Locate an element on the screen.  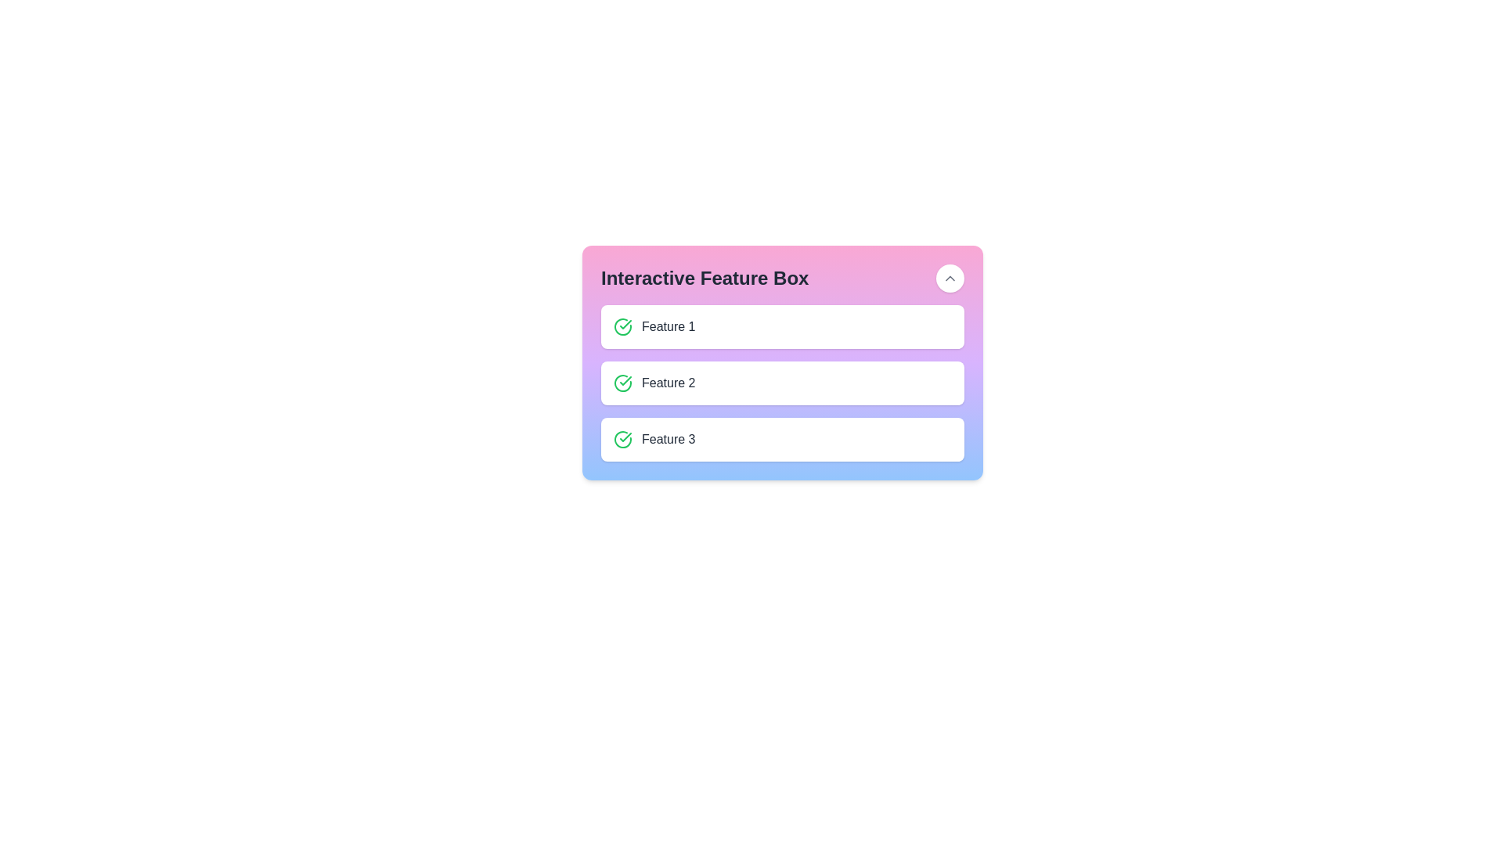
the interactive control button for collapsing or minimizing the content of the 'Interactive Feature Box', located at the top-right corner of the box is located at coordinates (950, 277).